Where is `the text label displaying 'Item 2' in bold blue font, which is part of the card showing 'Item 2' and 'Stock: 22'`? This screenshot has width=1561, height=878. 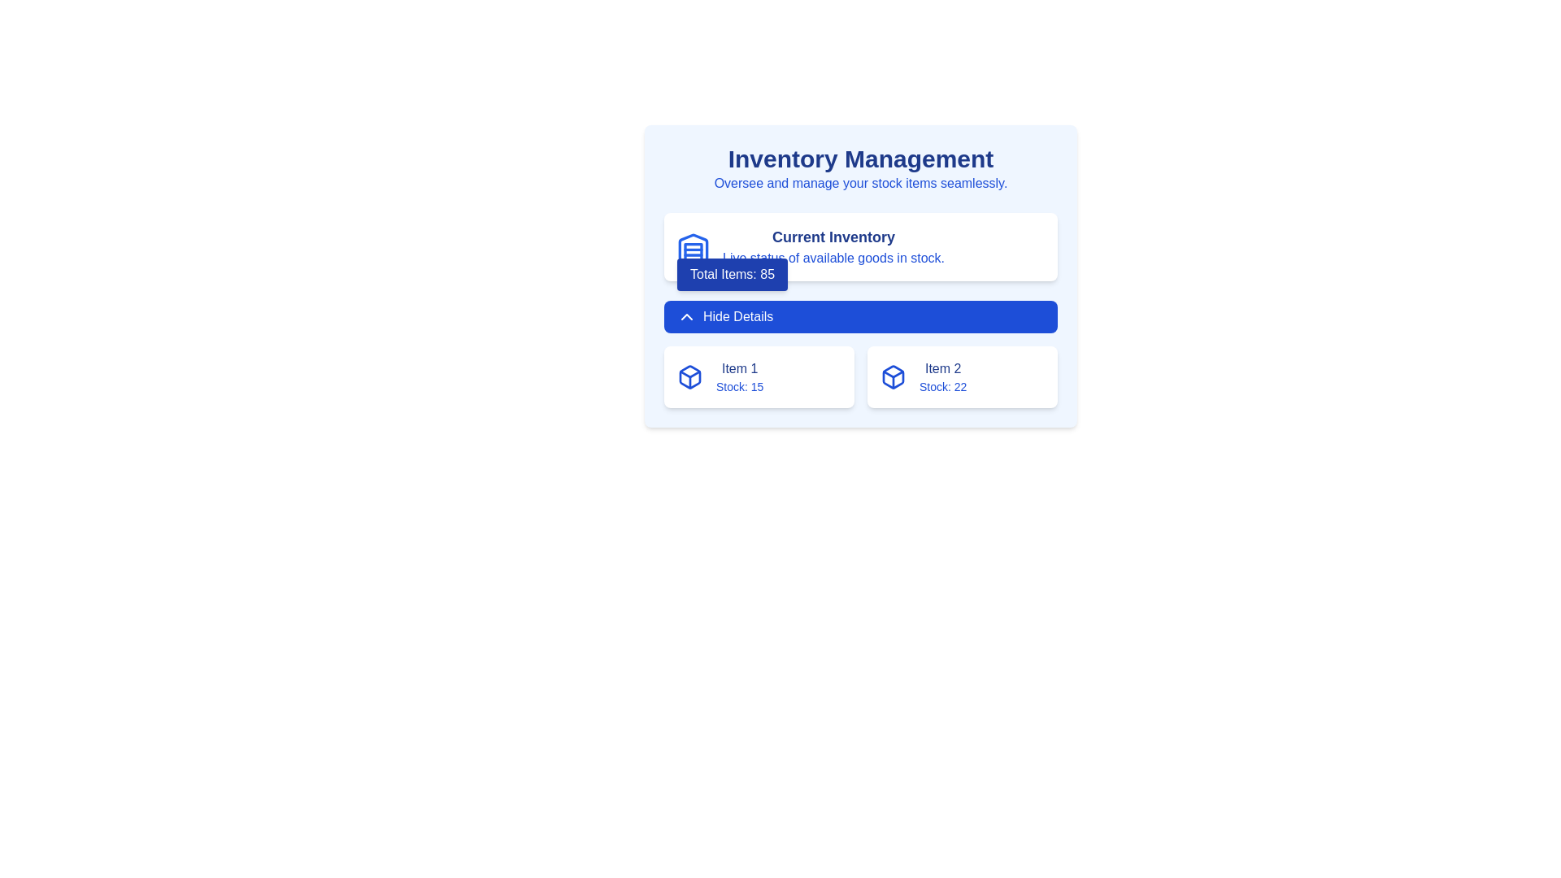
the text label displaying 'Item 2' in bold blue font, which is part of the card showing 'Item 2' and 'Stock: 22' is located at coordinates (943, 369).